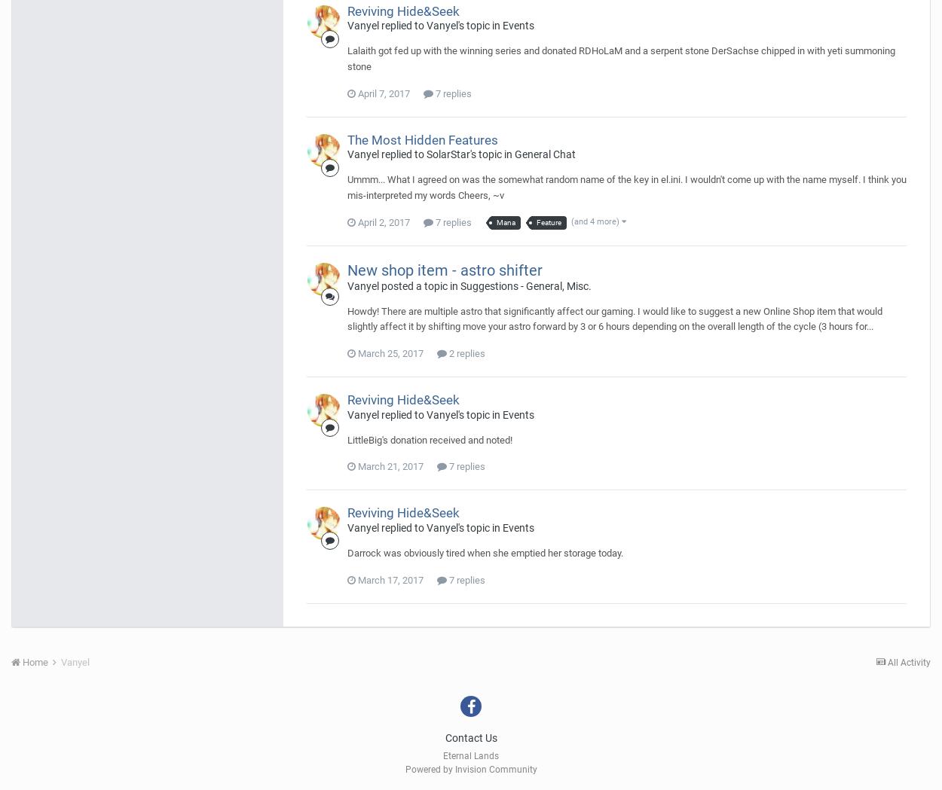 This screenshot has height=790, width=942. Describe the element at coordinates (423, 139) in the screenshot. I see `'The Most Hidden Features'` at that location.